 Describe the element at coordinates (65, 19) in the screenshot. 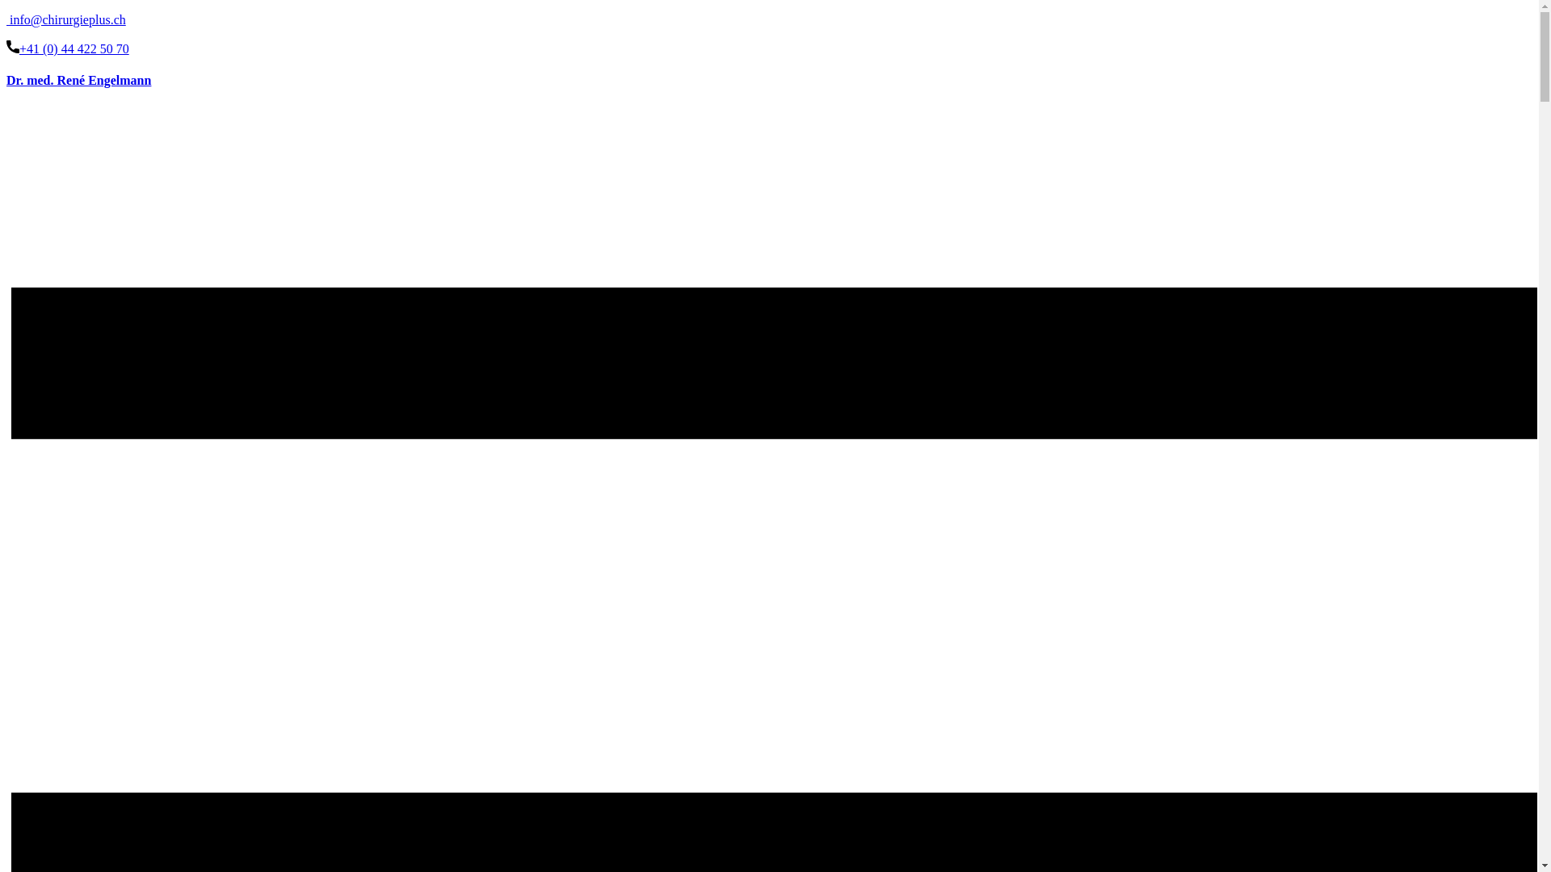

I see `' info@chirurgieplus.ch'` at that location.